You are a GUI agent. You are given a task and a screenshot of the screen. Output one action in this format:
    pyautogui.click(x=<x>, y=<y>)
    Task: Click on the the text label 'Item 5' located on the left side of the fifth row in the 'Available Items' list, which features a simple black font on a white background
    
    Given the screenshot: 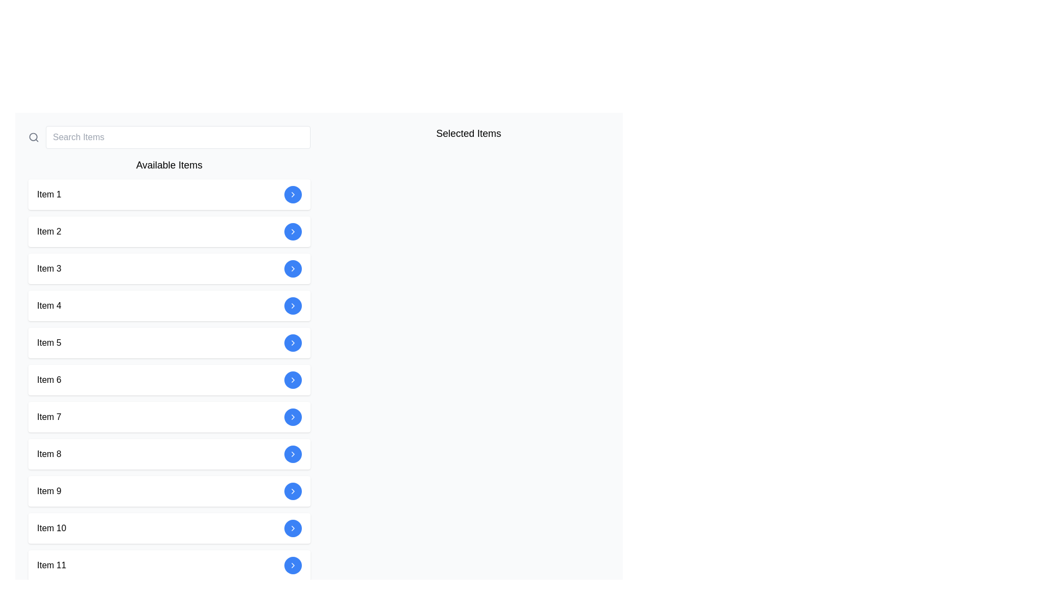 What is the action you would take?
    pyautogui.click(x=49, y=342)
    